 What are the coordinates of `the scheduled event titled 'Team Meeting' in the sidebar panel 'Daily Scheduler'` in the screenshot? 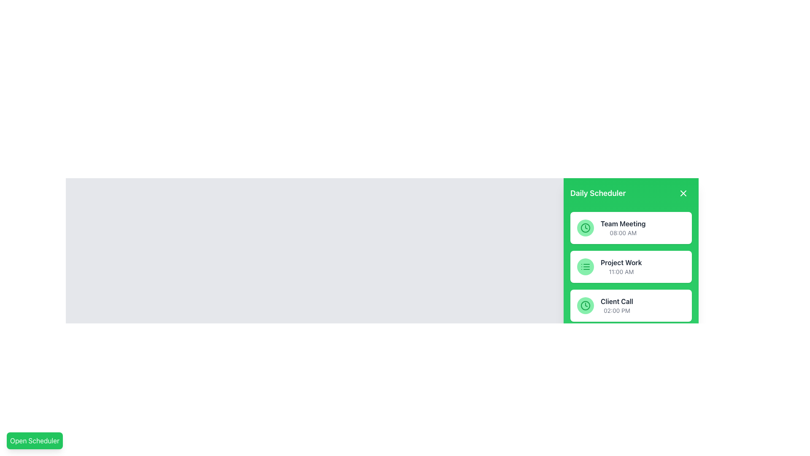 It's located at (631, 228).